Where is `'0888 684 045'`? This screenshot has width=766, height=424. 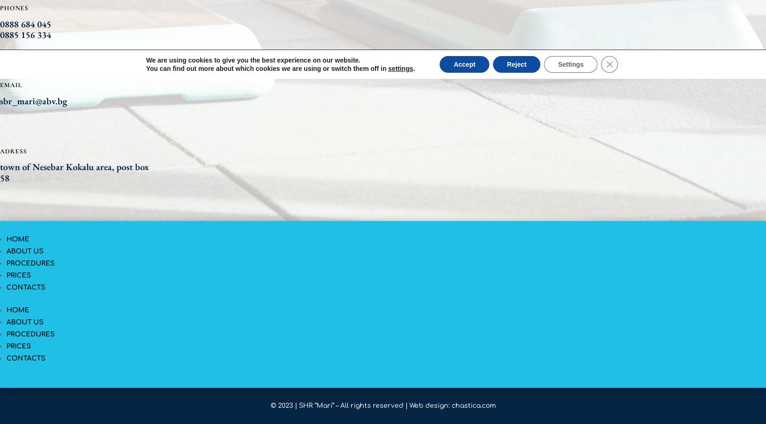
'0888 684 045' is located at coordinates (25, 23).